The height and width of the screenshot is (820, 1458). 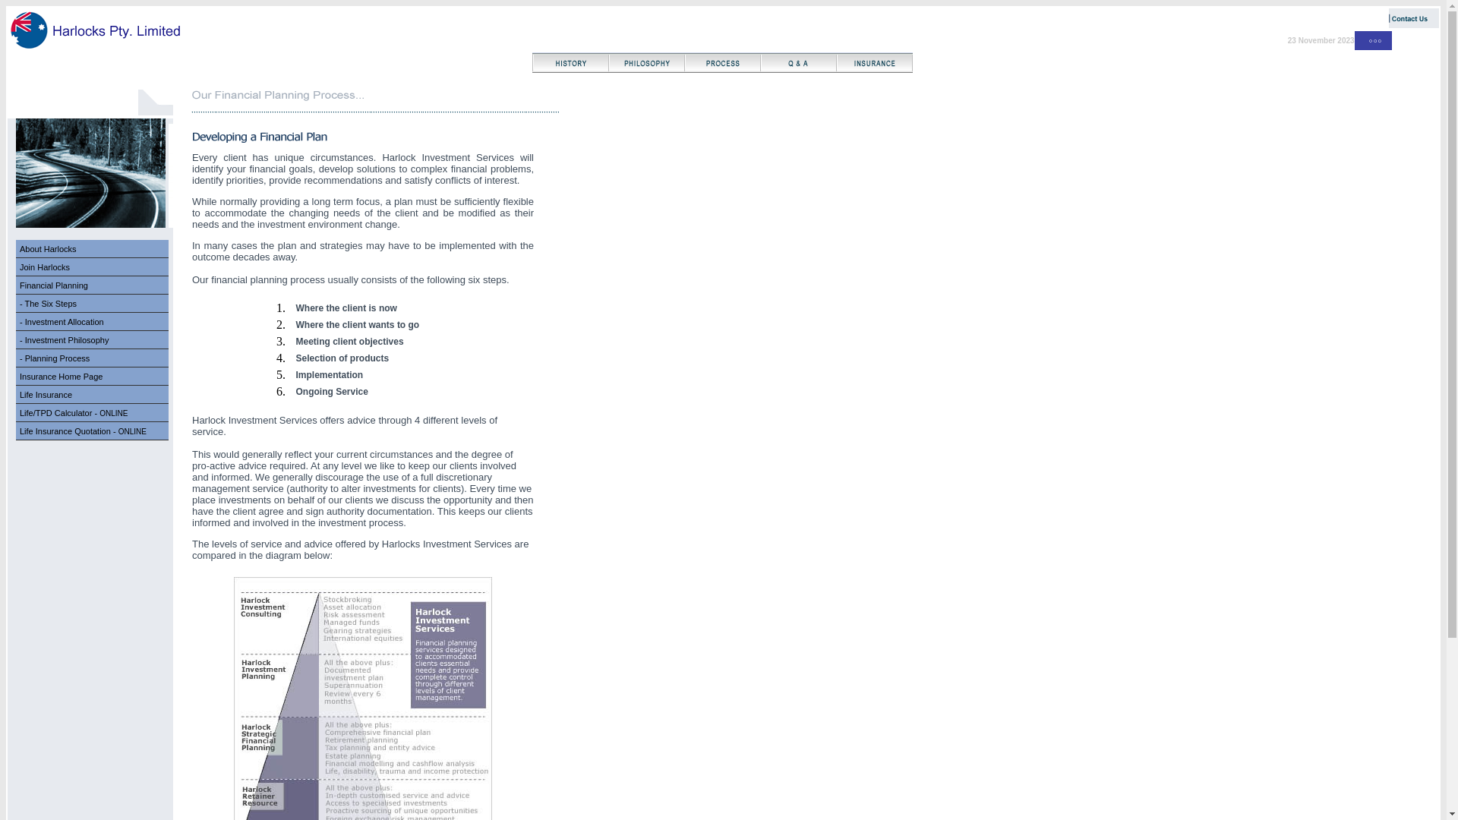 I want to click on 'Where the client is now', so click(x=346, y=307).